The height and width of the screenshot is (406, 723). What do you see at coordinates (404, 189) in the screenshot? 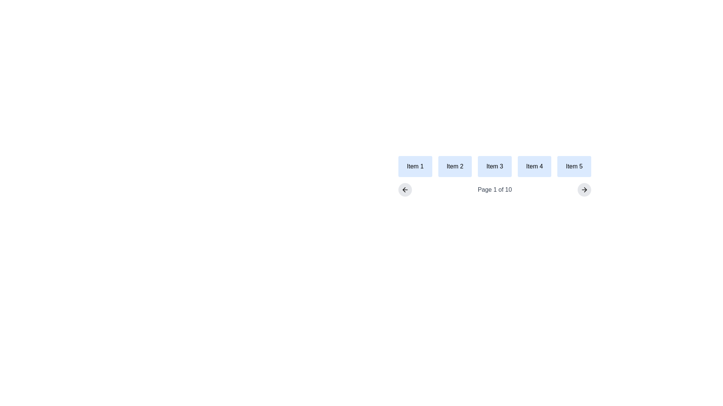
I see `the left-pointing arrow icon within the circular button, which has a light gray background and rounded corners` at bounding box center [404, 189].